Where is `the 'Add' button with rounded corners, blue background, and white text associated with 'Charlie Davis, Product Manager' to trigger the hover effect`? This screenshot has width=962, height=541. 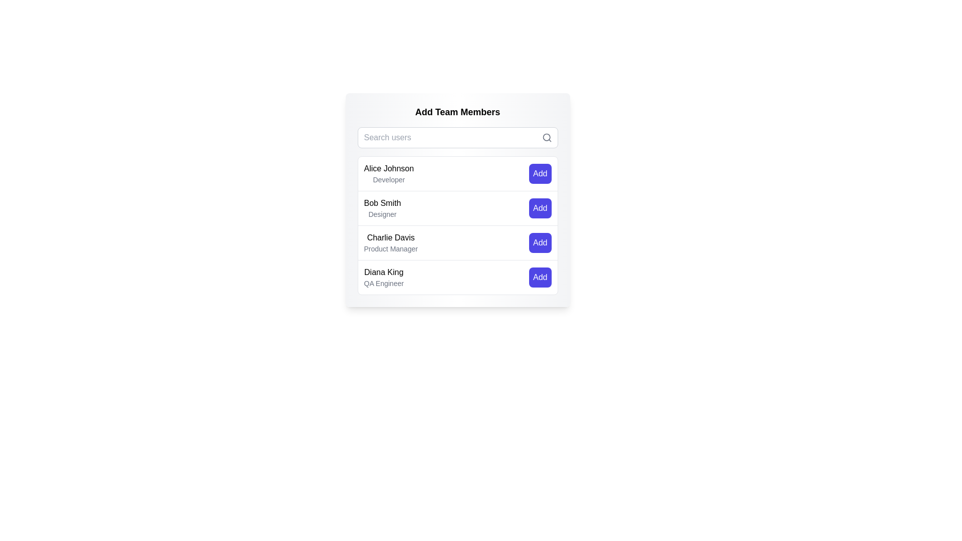
the 'Add' button with rounded corners, blue background, and white text associated with 'Charlie Davis, Product Manager' to trigger the hover effect is located at coordinates (540, 243).